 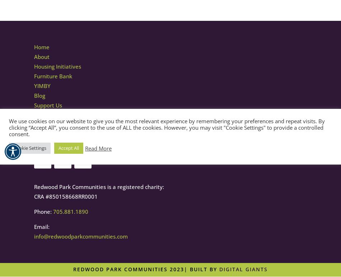 What do you see at coordinates (98, 148) in the screenshot?
I see `'Read More'` at bounding box center [98, 148].